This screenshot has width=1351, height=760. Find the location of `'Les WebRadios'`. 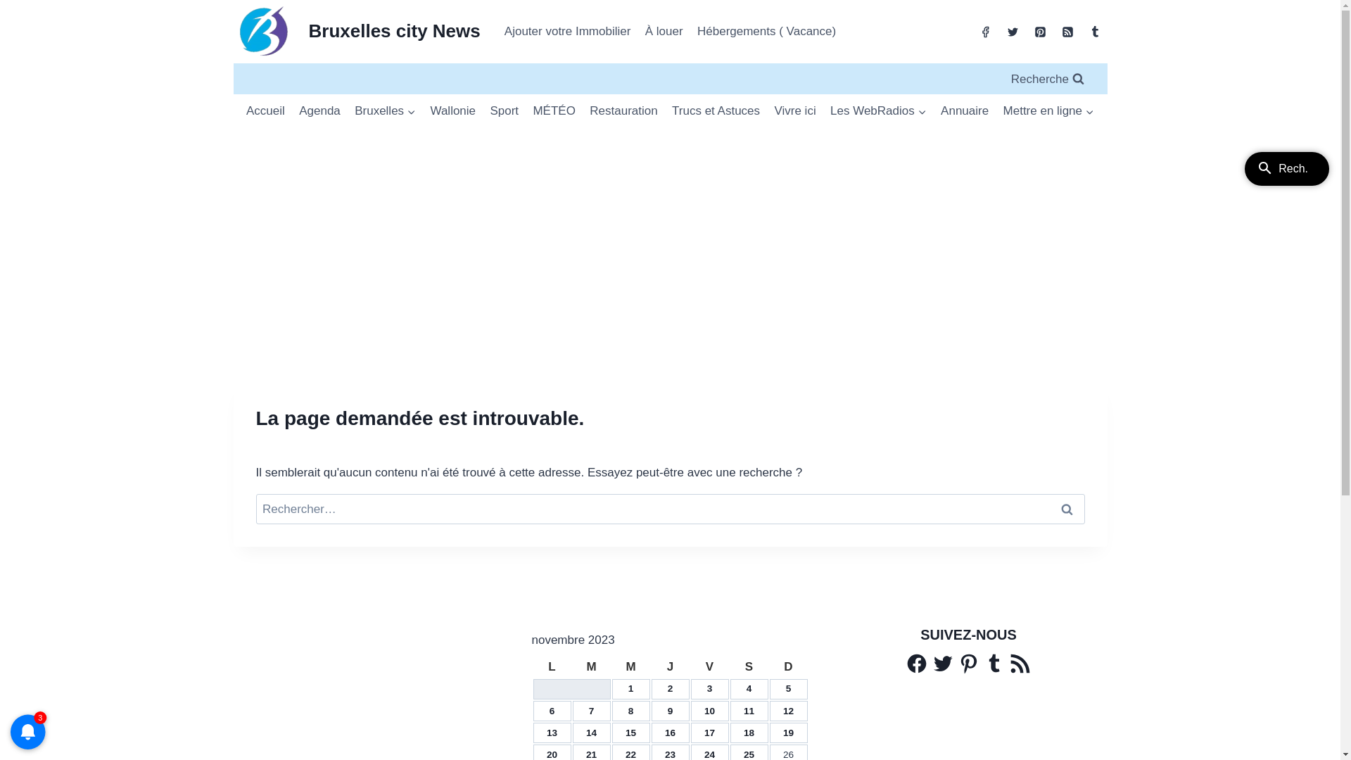

'Les WebRadios' is located at coordinates (877, 110).